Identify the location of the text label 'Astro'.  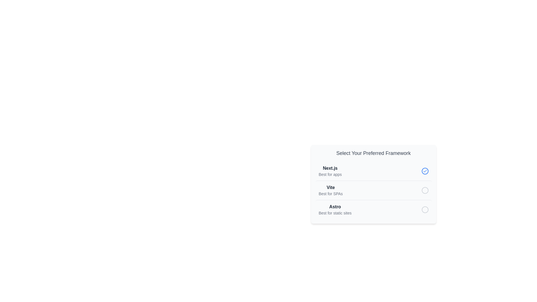
(335, 207).